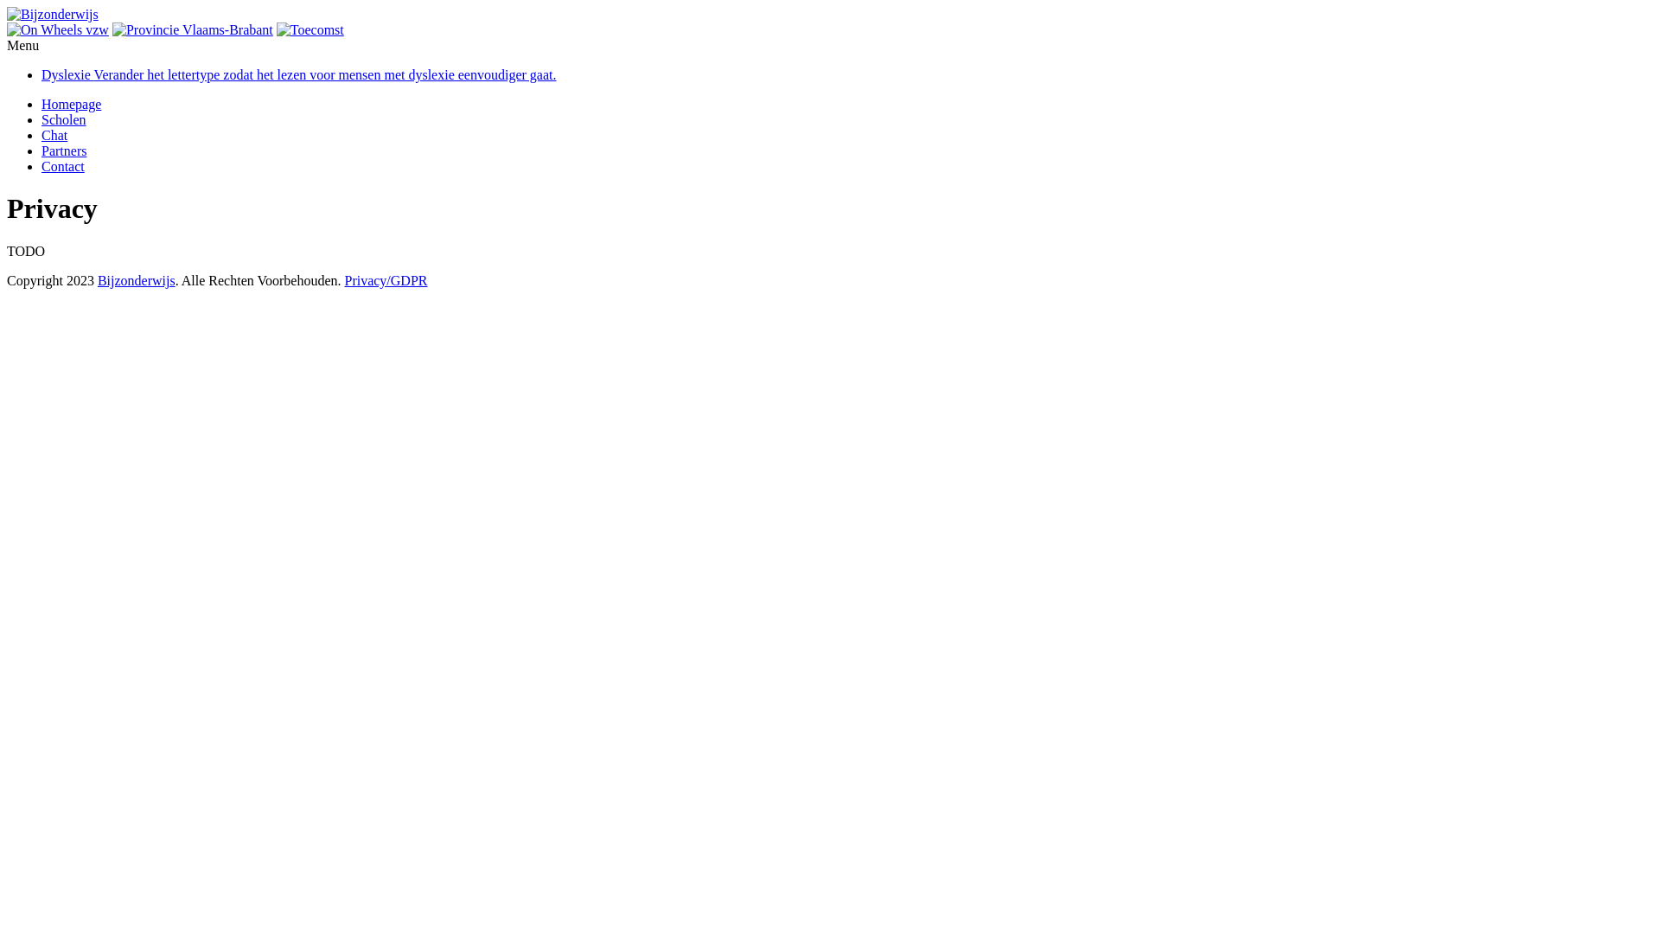 This screenshot has height=934, width=1660. What do you see at coordinates (63, 118) in the screenshot?
I see `'Scholen'` at bounding box center [63, 118].